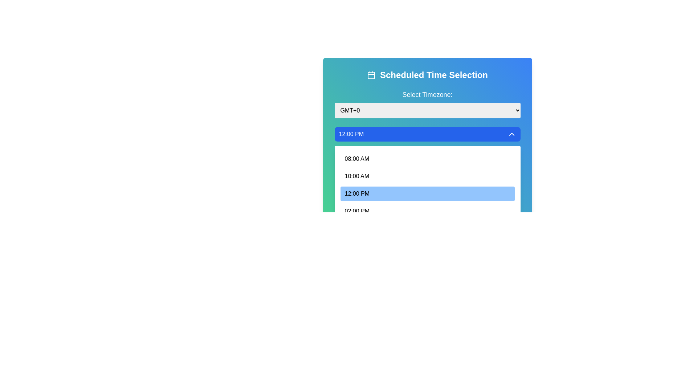  Describe the element at coordinates (427, 184) in the screenshot. I see `the selectable list item displaying '12:00 PM' in the dropdown menu` at that location.